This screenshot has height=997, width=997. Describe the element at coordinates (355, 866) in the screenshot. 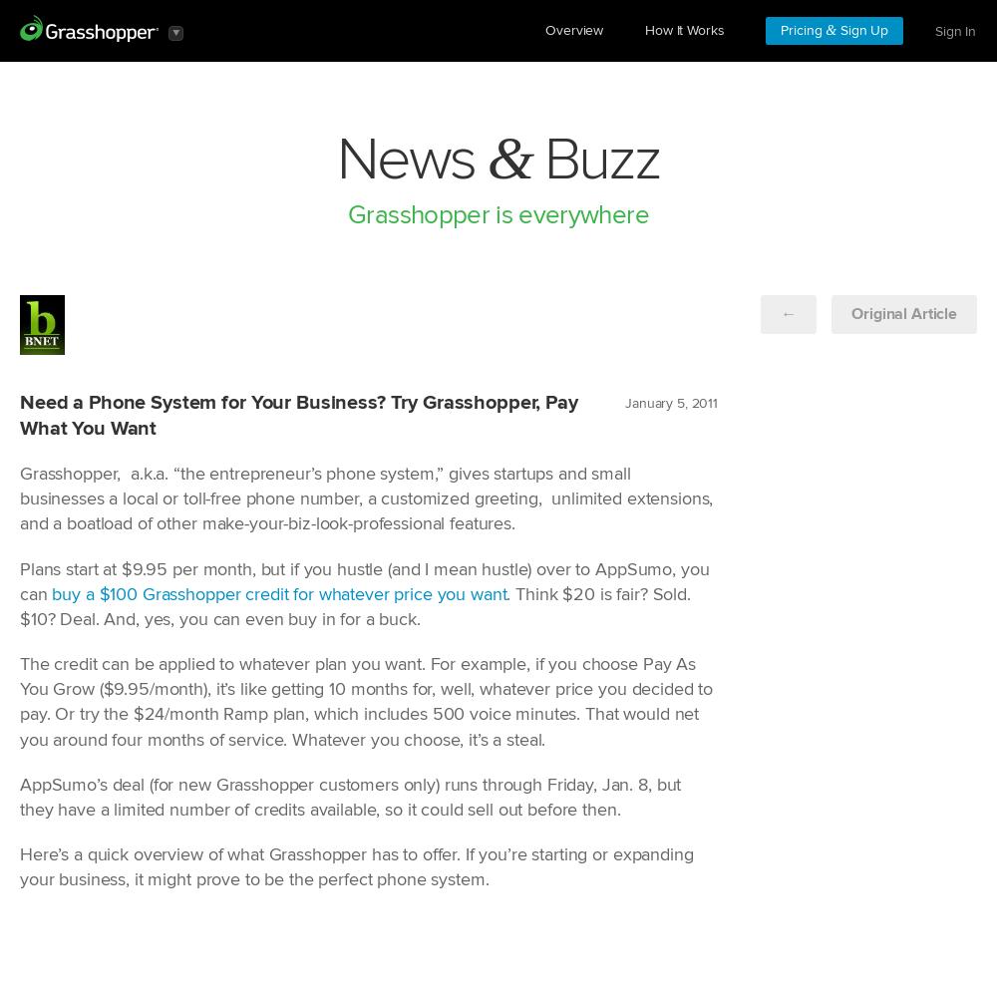

I see `'Here’s a quick overview of what Grasshopper has to offer. If you’re starting or expanding your business, it might prove to be the perfect phone system.'` at that location.